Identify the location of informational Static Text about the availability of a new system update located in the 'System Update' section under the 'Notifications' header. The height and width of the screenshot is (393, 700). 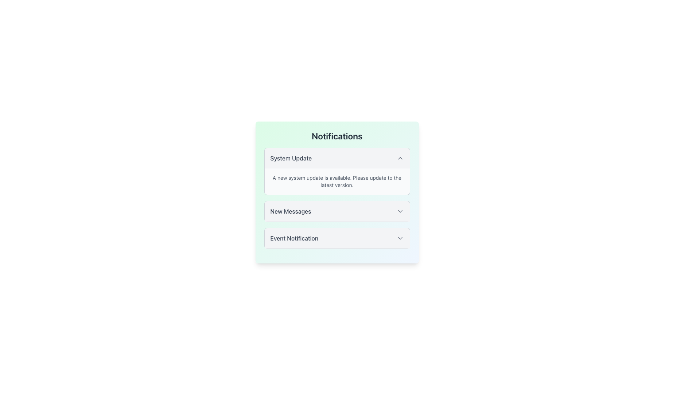
(337, 181).